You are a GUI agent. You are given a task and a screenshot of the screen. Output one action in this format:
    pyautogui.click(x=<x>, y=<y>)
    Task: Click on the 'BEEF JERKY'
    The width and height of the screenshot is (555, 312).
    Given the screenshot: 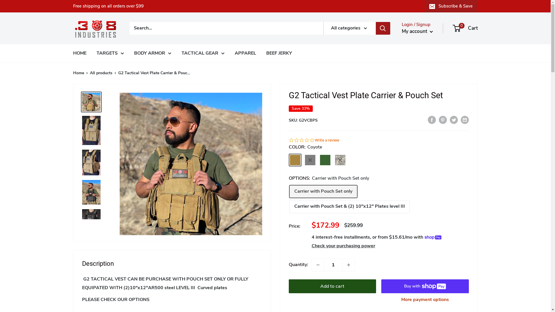 What is the action you would take?
    pyautogui.click(x=279, y=53)
    